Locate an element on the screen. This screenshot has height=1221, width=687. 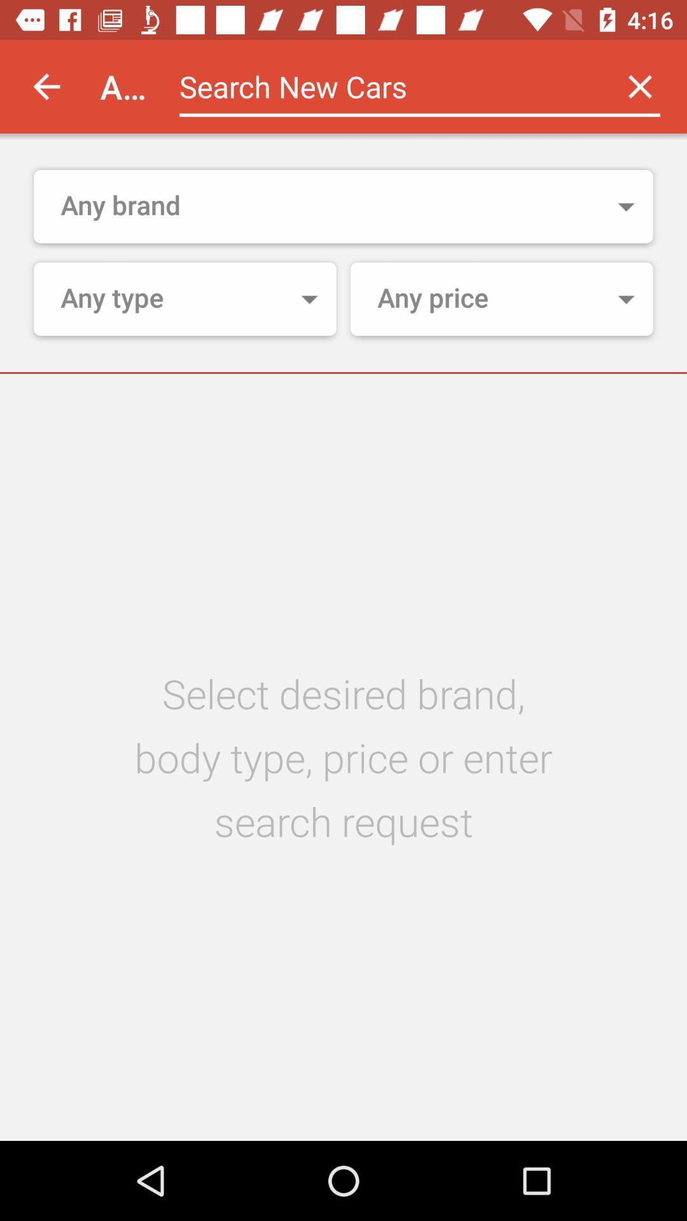
icon to the left of autoportal is located at coordinates (46, 86).